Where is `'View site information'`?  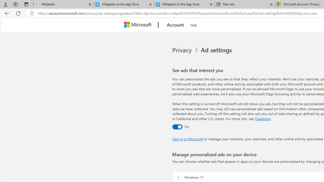
'View site information' is located at coordinates (32, 13).